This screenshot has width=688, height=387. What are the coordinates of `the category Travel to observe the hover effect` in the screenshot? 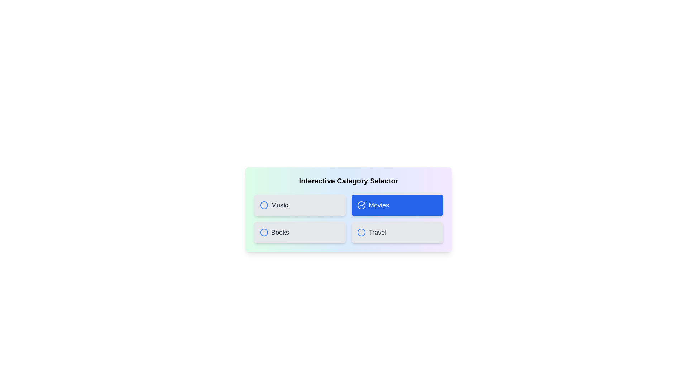 It's located at (397, 232).